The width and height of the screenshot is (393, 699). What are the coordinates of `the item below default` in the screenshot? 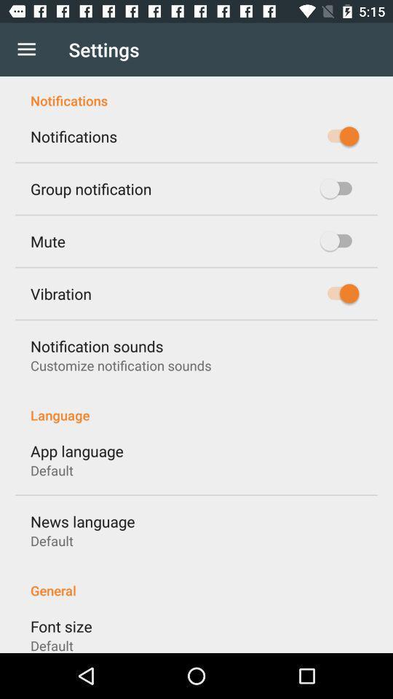 It's located at (196, 582).